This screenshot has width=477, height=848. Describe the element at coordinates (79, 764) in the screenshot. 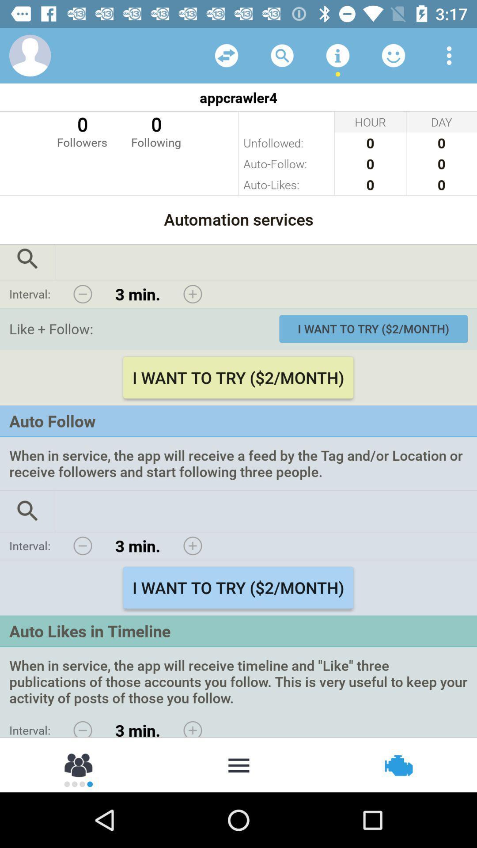

I see `item below interval:` at that location.